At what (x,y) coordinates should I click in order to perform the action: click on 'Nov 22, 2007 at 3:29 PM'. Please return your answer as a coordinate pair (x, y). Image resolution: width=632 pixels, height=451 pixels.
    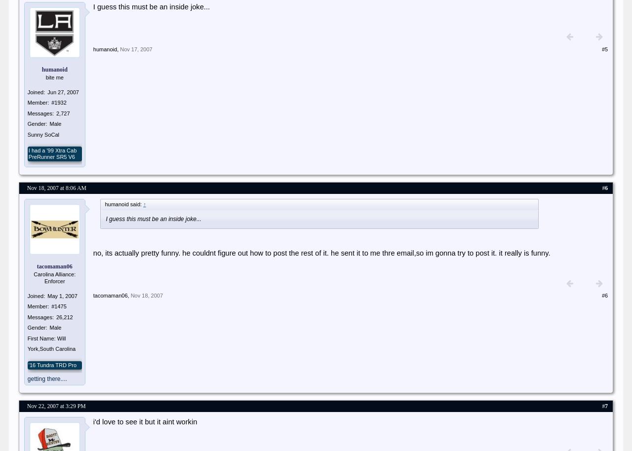
    Looking at the image, I should click on (55, 406).